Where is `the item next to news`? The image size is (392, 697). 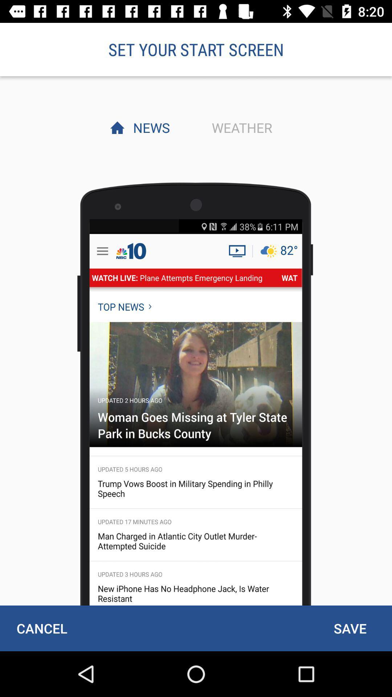 the item next to news is located at coordinates (240, 127).